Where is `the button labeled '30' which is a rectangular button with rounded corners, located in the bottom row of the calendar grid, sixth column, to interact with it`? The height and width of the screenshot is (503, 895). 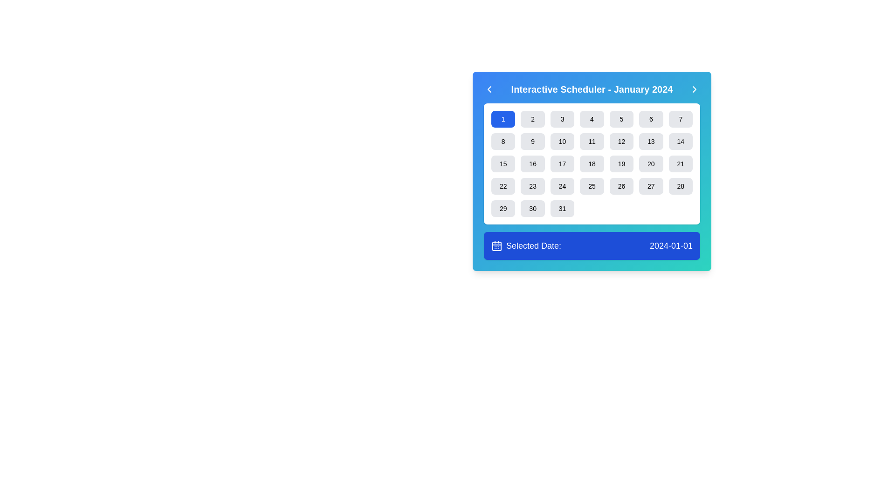
the button labeled '30' which is a rectangular button with rounded corners, located in the bottom row of the calendar grid, sixth column, to interact with it is located at coordinates (533, 208).